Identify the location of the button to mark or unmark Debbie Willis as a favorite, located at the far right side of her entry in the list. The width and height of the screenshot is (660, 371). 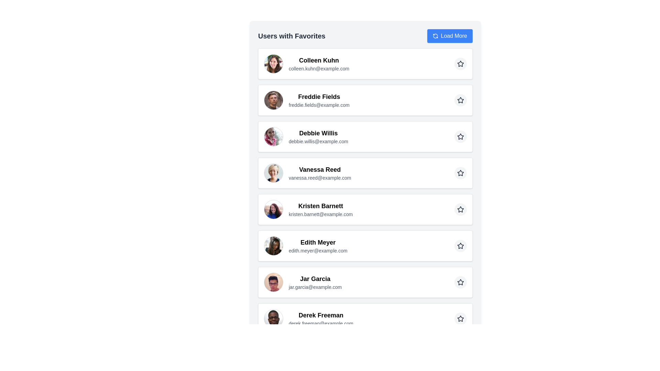
(460, 136).